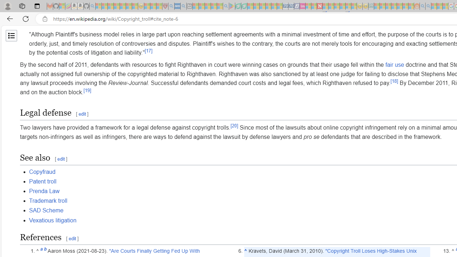 Image resolution: width=457 pixels, height=257 pixels. I want to click on 'Personal Profile', so click(7, 6).